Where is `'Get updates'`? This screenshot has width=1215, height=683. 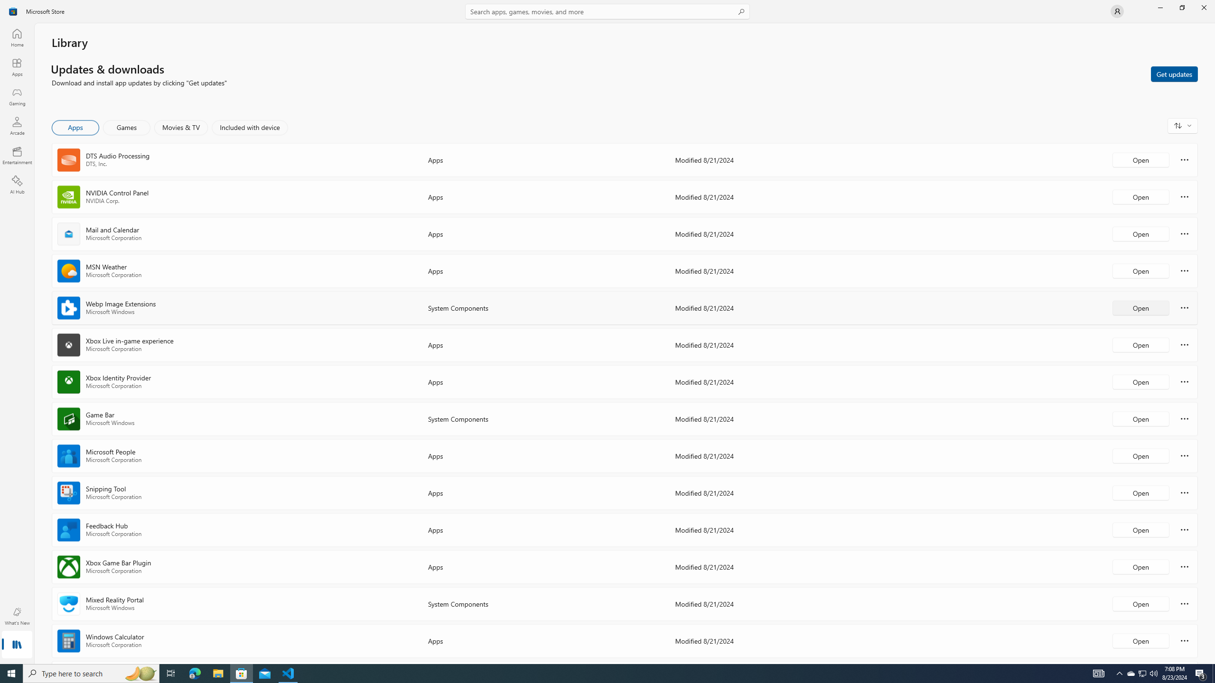 'Get updates' is located at coordinates (1174, 73).